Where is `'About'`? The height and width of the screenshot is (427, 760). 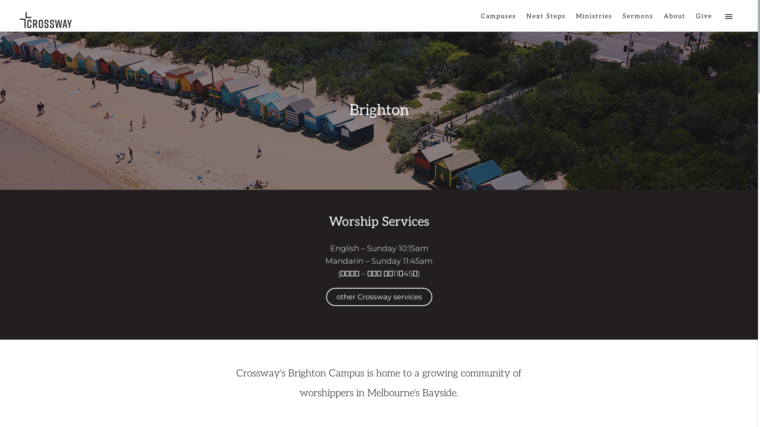 'About' is located at coordinates (674, 19).